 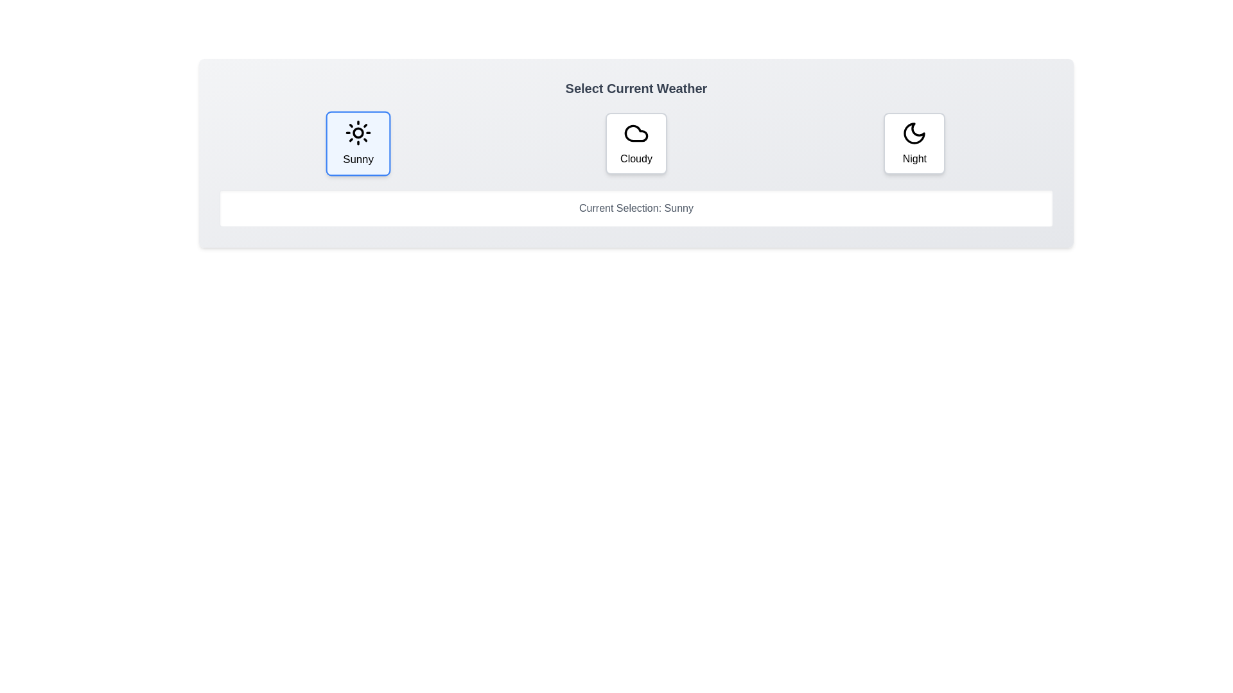 I want to click on the weather button labeled Night to observe the hover effect, so click(x=913, y=143).